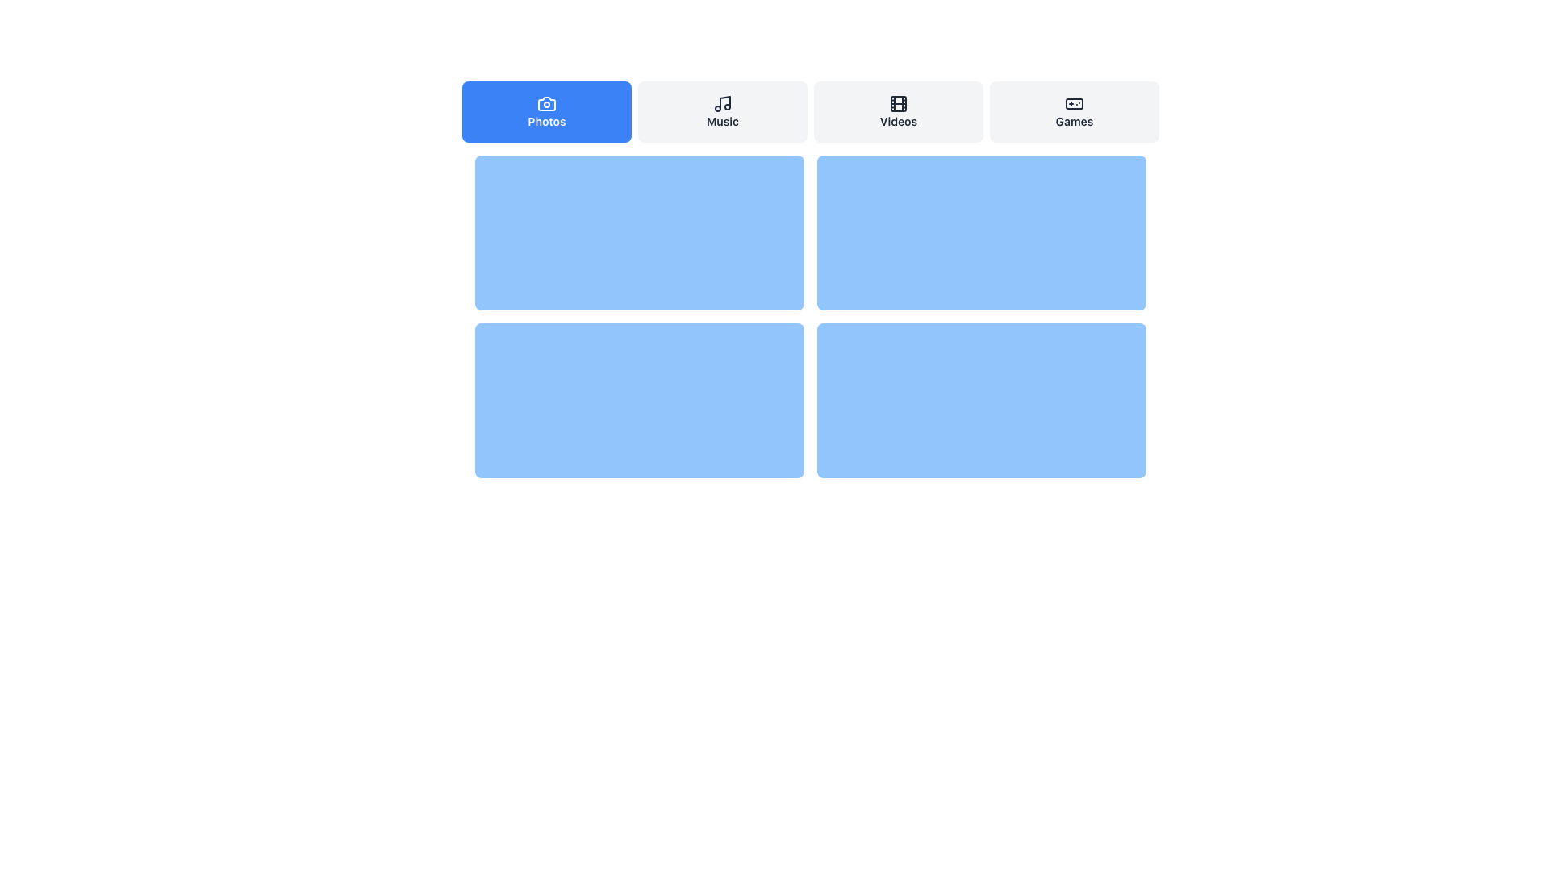 The width and height of the screenshot is (1549, 871). Describe the element at coordinates (897, 110) in the screenshot. I see `the 'Videos' button, which is a rectangular card with a light gray background, rounded corners, an icon of a film strip at the top, and the text 'Videos' centered below the icon` at that location.